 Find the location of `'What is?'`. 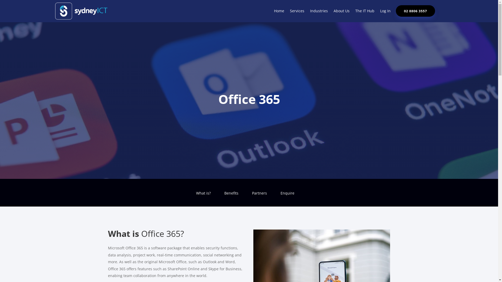

'What is?' is located at coordinates (203, 197).